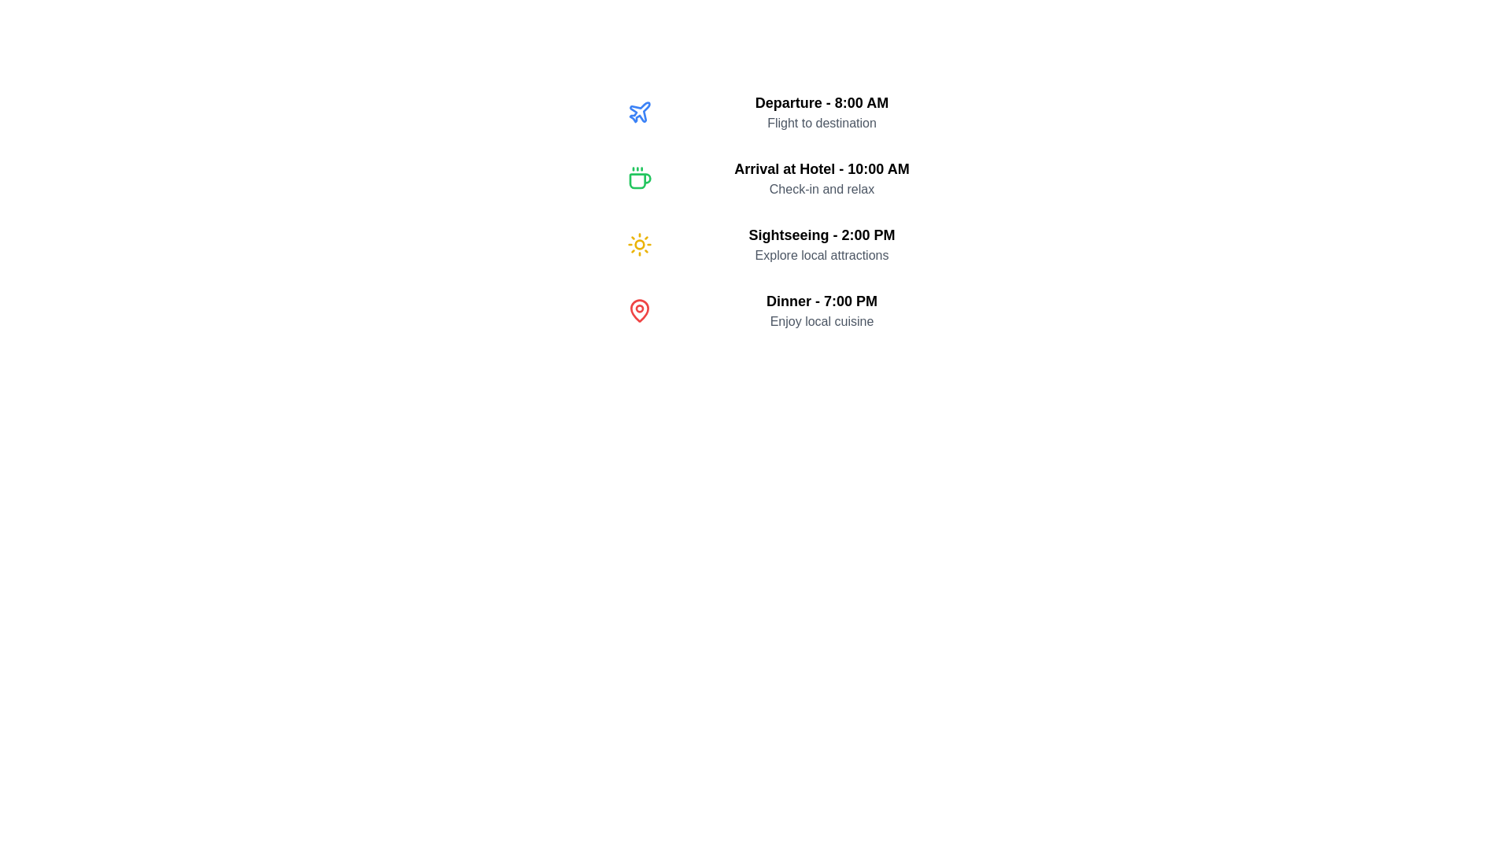 The height and width of the screenshot is (850, 1511). I want to click on the itinerary detail list item indicating the arrival time and activity for hotel check-in and relaxation, which is the second item in the vertical list below 'Departure - 8:00 AM', so click(803, 178).